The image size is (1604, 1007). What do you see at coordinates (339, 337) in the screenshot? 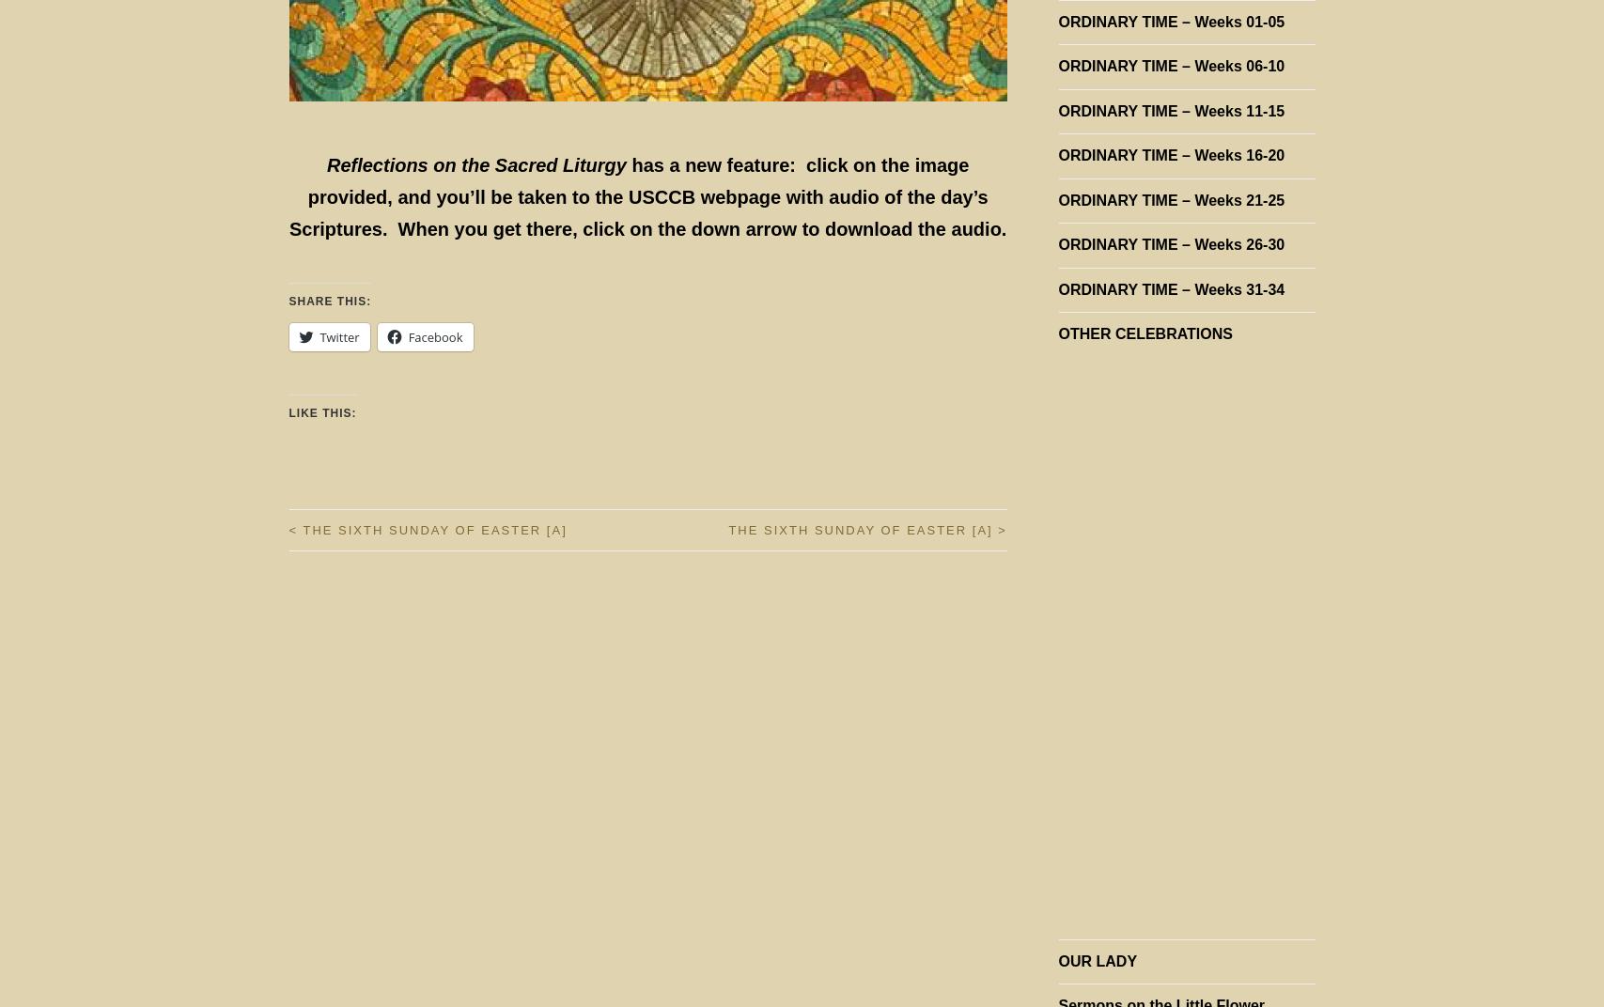
I see `'Twitter'` at bounding box center [339, 337].